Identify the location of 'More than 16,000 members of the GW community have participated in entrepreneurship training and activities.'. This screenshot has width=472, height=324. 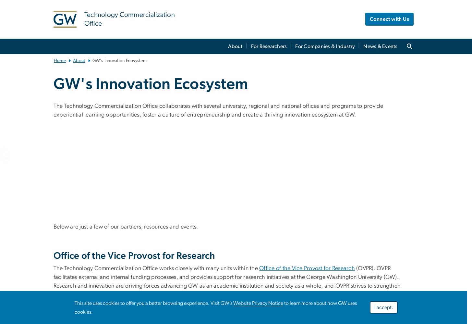
(279, 187).